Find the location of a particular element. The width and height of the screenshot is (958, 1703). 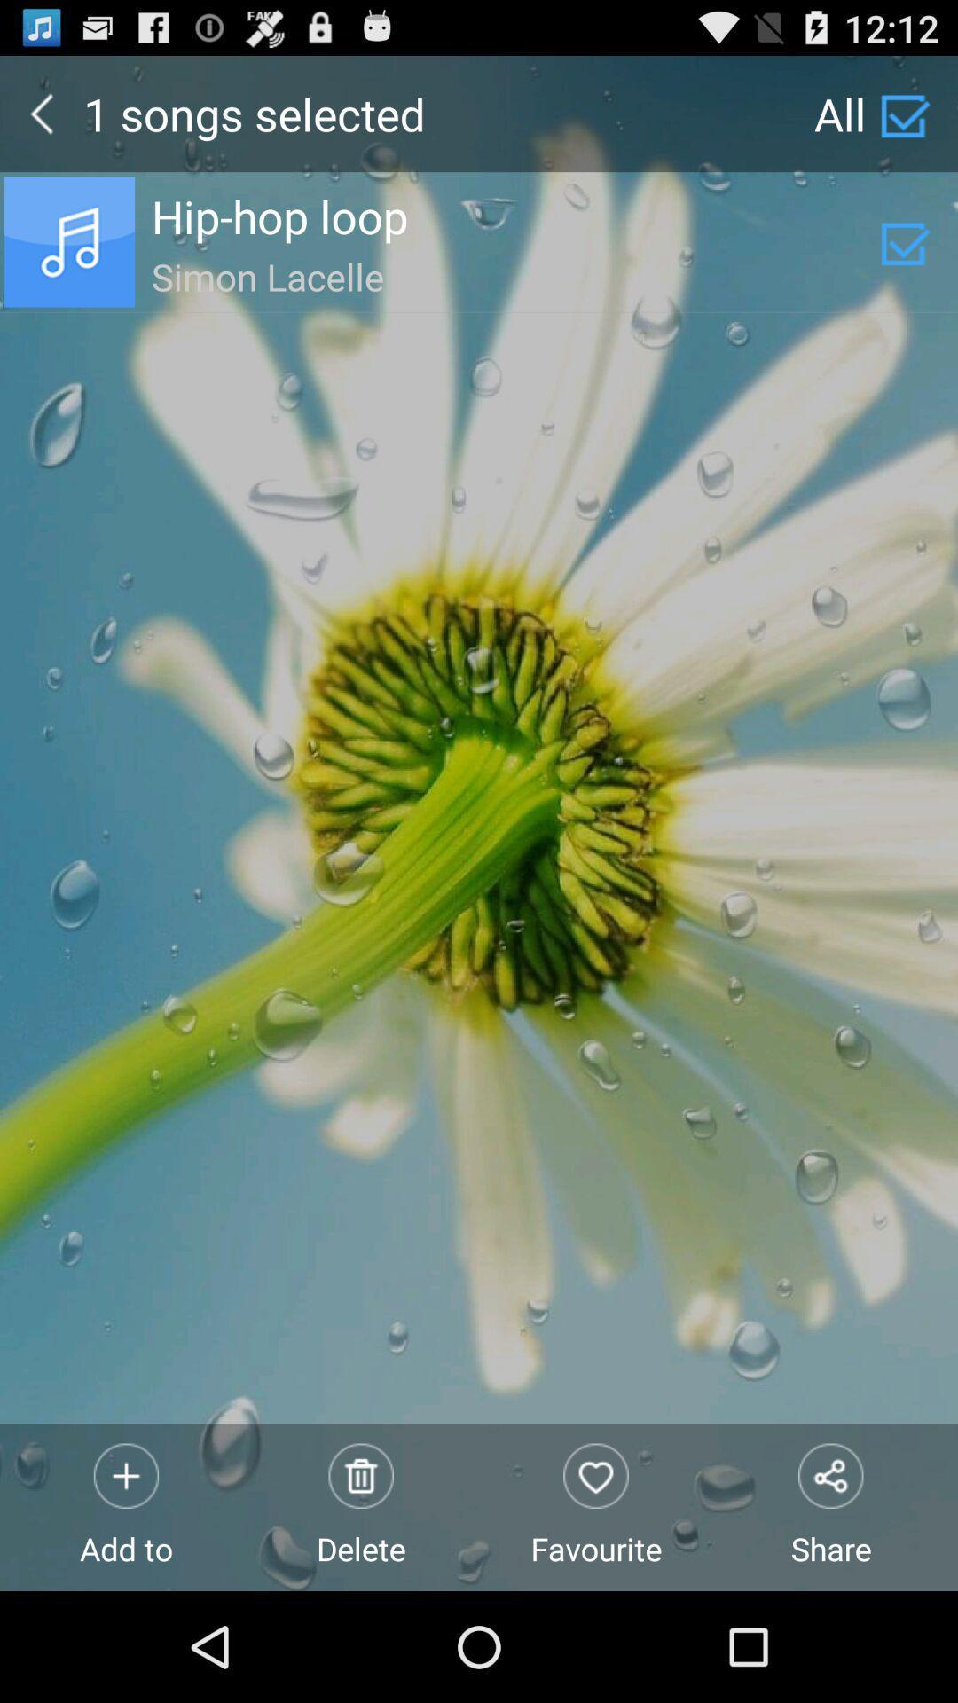

the delete app is located at coordinates (360, 1506).